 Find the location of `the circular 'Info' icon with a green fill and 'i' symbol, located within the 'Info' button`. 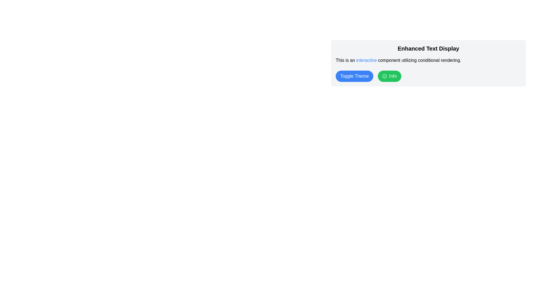

the circular 'Info' icon with a green fill and 'i' symbol, located within the 'Info' button is located at coordinates (385, 76).